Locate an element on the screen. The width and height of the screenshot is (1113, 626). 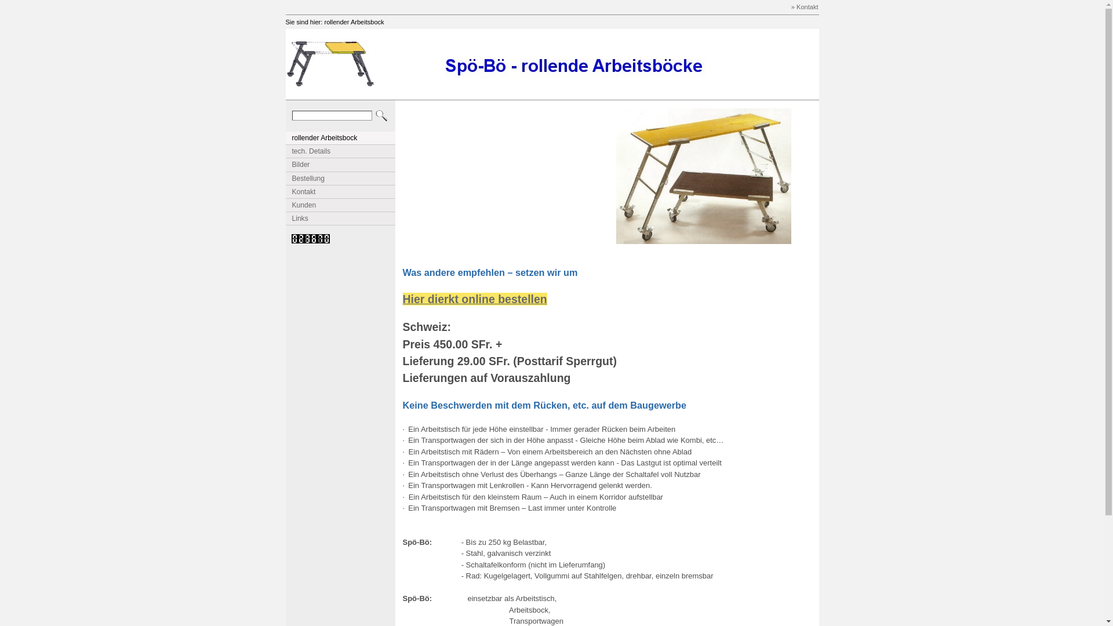
'Bestellung' is located at coordinates (340, 179).